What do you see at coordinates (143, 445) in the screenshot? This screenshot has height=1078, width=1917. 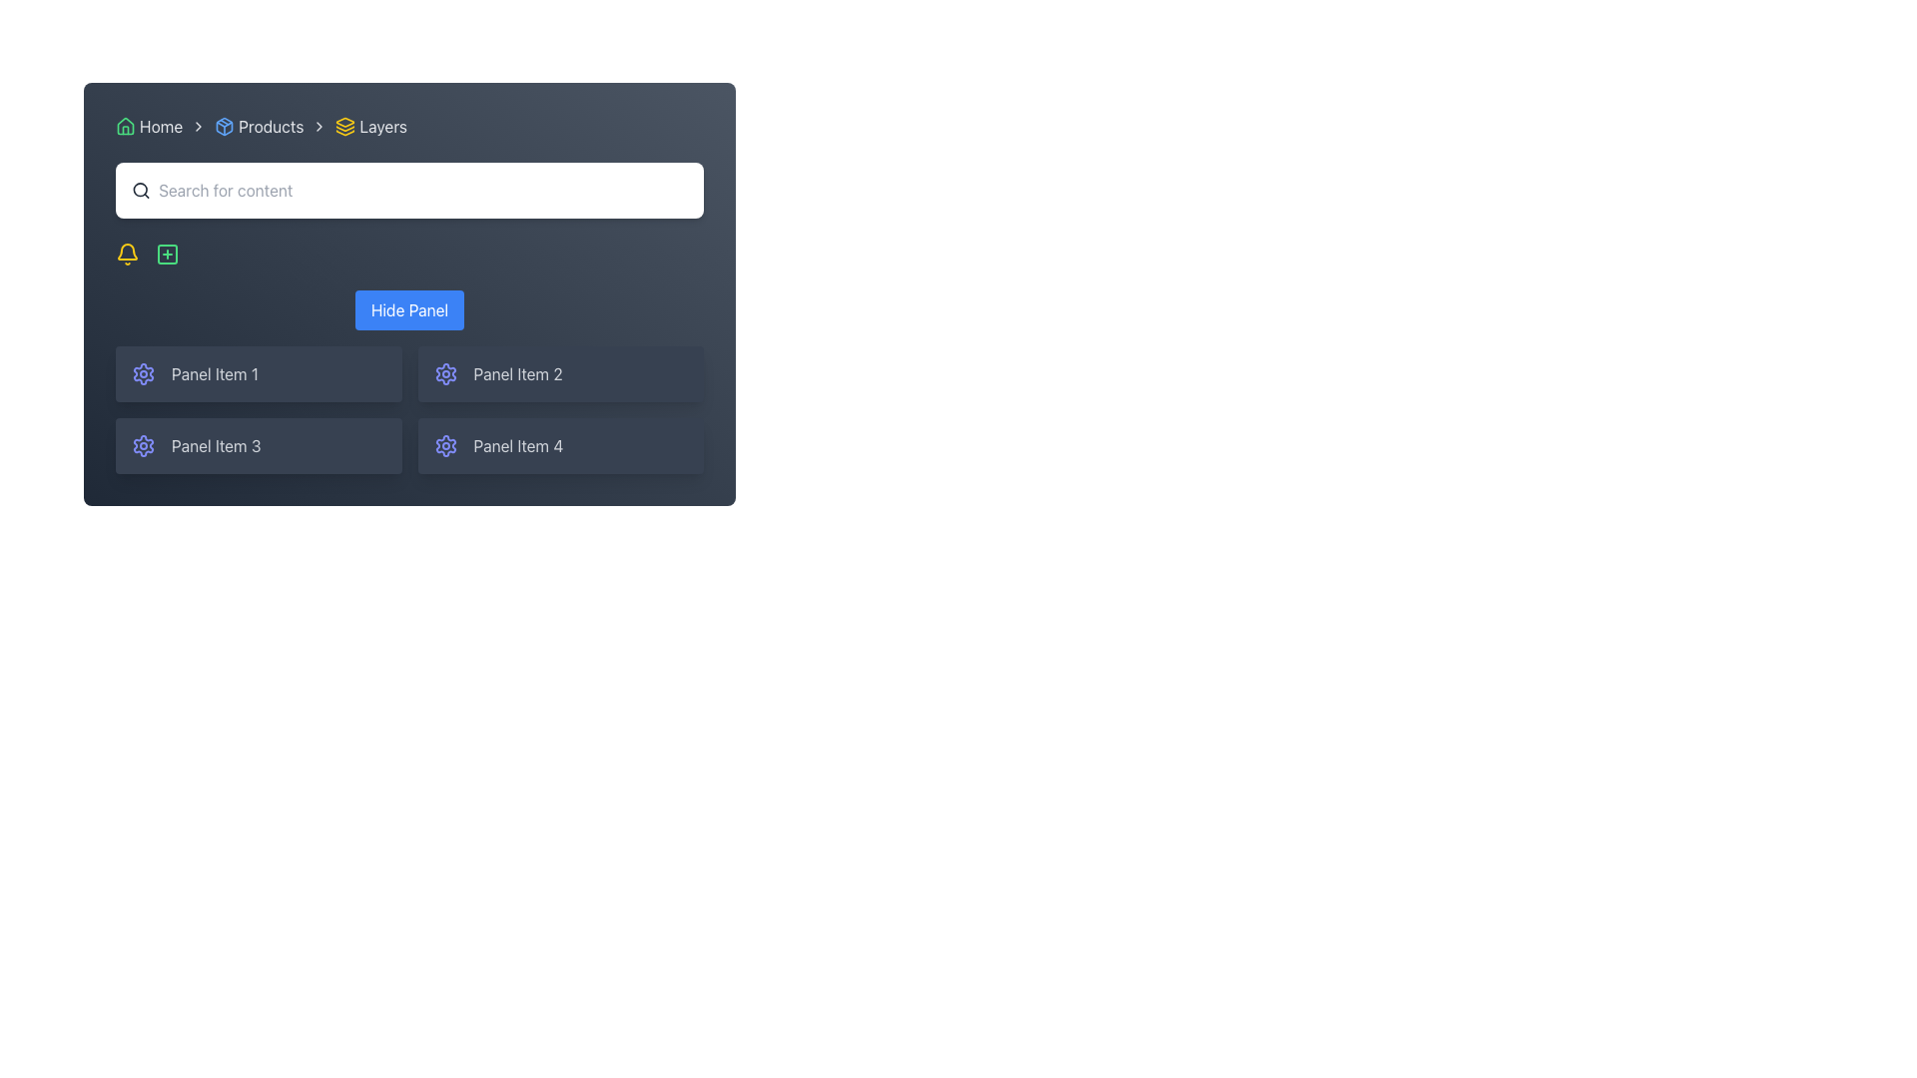 I see `the indigo gear icon located in the top-left corner of the 'Panel Item 3'` at bounding box center [143, 445].